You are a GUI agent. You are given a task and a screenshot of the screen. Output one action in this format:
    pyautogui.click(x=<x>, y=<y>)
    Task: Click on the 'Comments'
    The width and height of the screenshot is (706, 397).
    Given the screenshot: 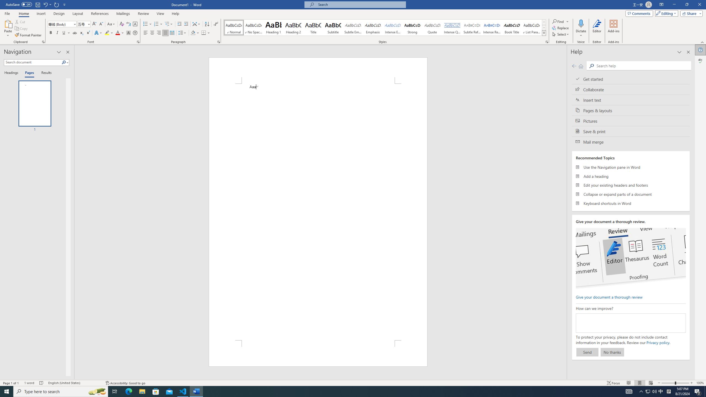 What is the action you would take?
    pyautogui.click(x=639, y=13)
    